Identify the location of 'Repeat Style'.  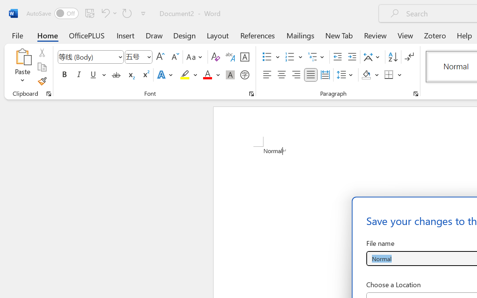
(127, 13).